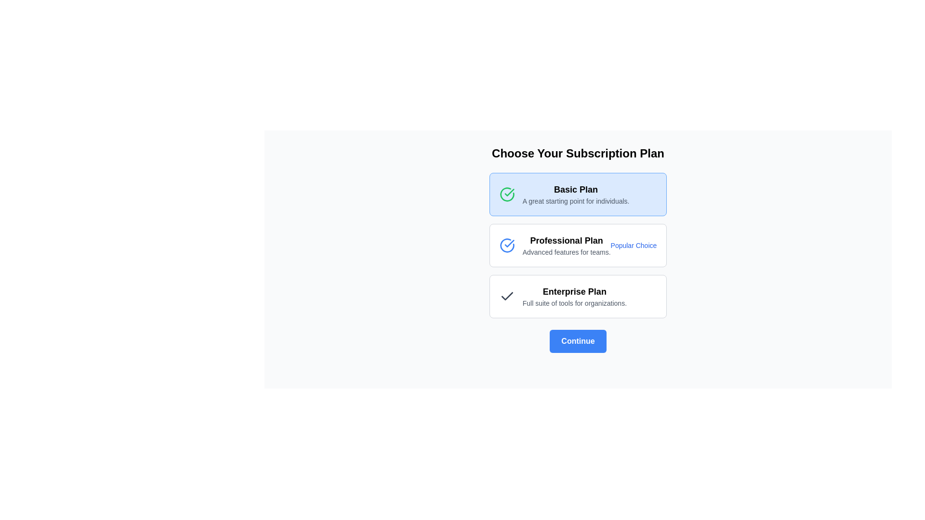 This screenshot has width=925, height=520. What do you see at coordinates (564, 195) in the screenshot?
I see `the 'Basic Plan' list item, which has a bold heading and a green checkmark icon` at bounding box center [564, 195].